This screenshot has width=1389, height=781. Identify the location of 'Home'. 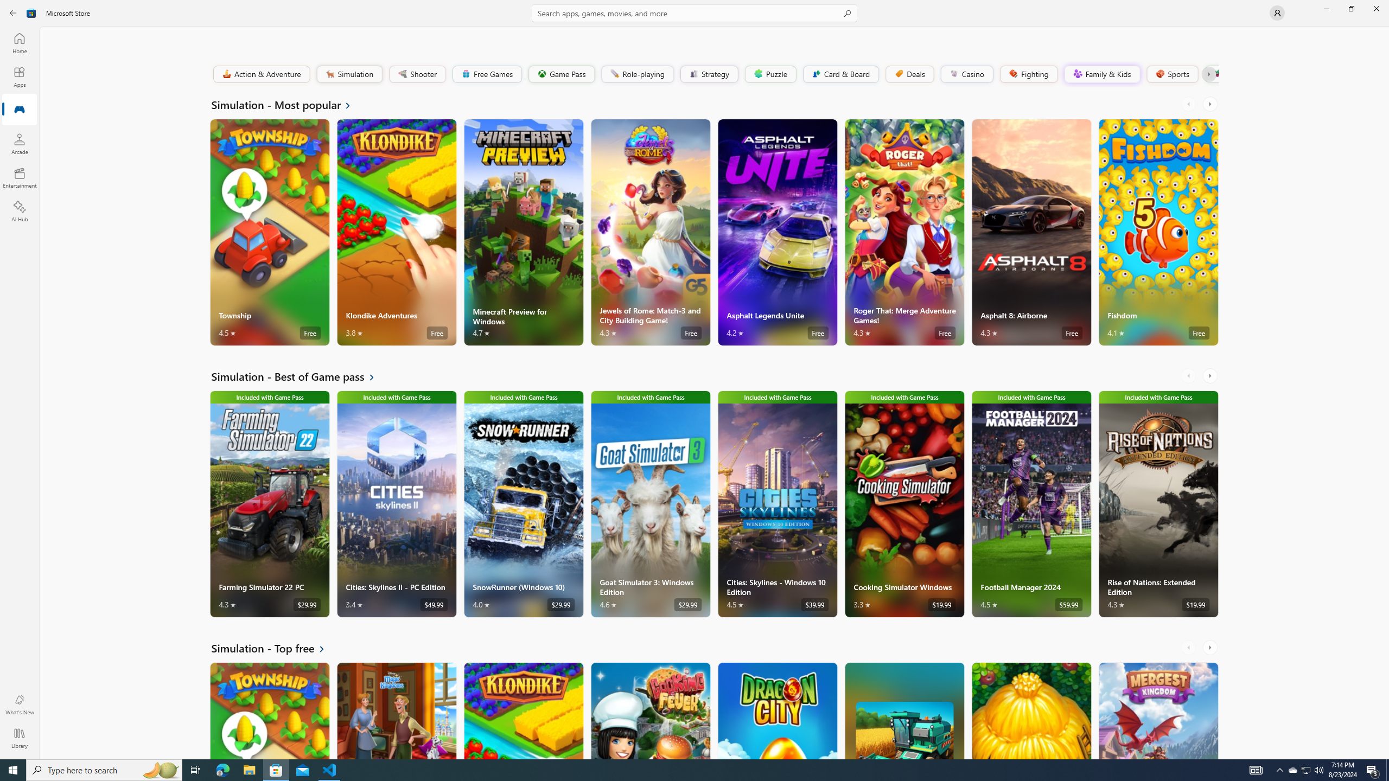
(18, 42).